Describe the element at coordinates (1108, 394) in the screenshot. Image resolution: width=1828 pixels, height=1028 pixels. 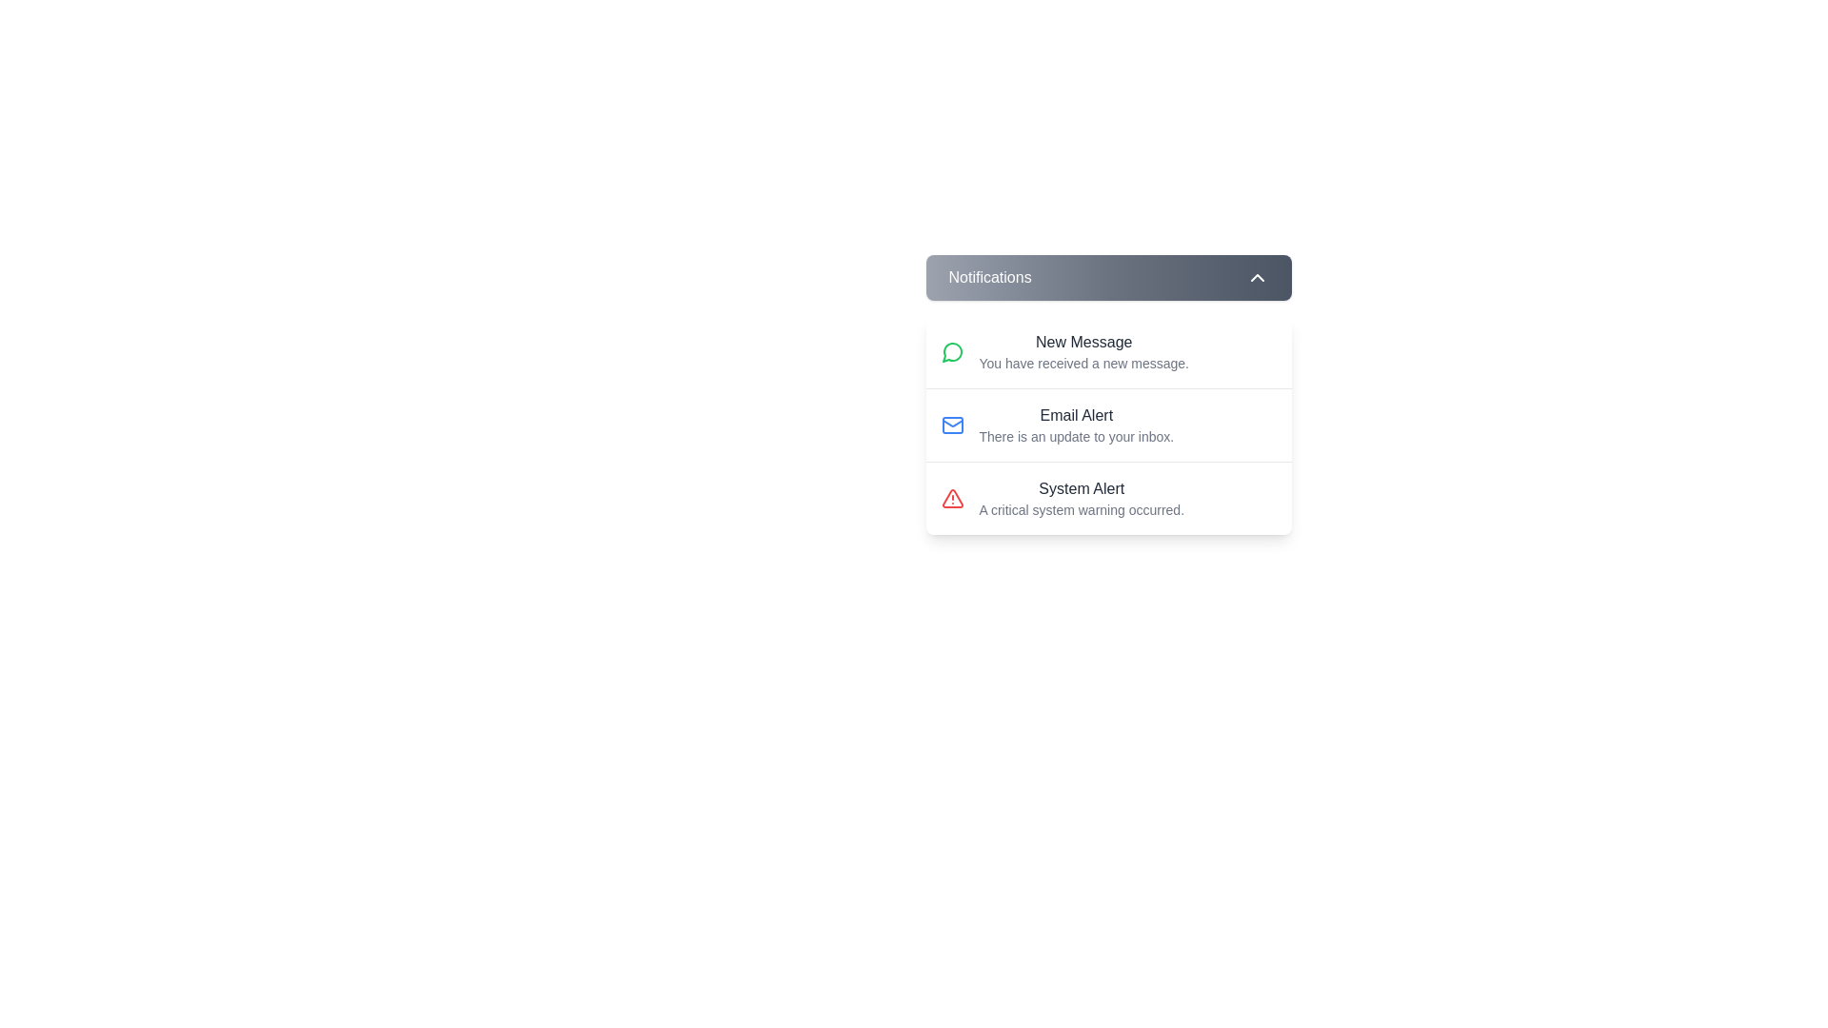
I see `the second notification card in the Notification component, which displays alerts with a white background and grey dividers` at that location.